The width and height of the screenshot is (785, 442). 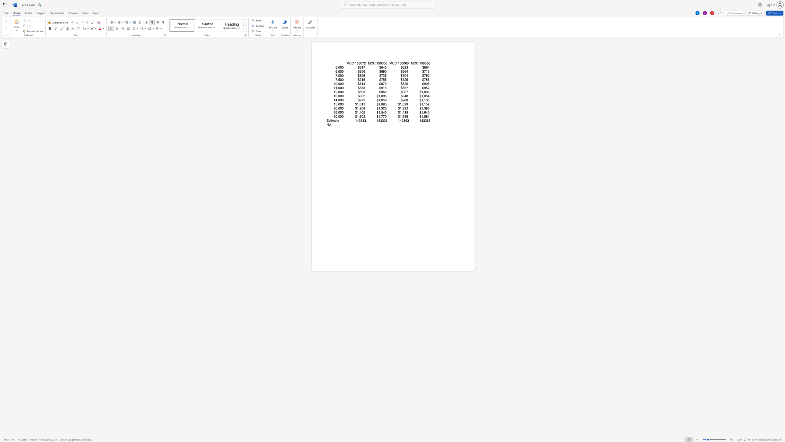 What do you see at coordinates (357, 63) in the screenshot?
I see `the 1th character "5" in the text` at bounding box center [357, 63].